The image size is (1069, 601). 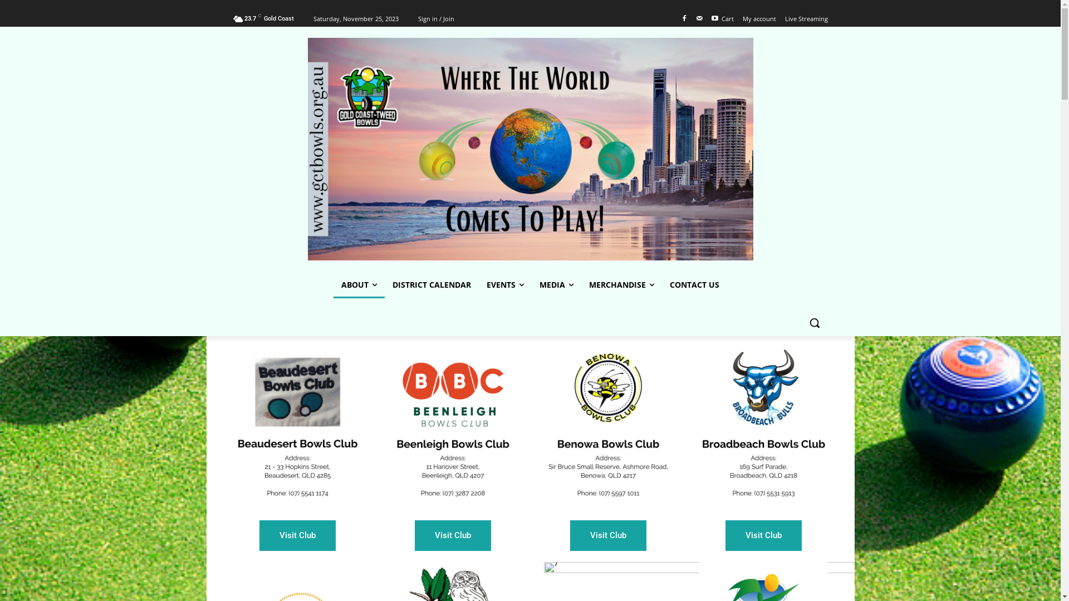 What do you see at coordinates (763, 426) in the screenshot?
I see `'4'` at bounding box center [763, 426].